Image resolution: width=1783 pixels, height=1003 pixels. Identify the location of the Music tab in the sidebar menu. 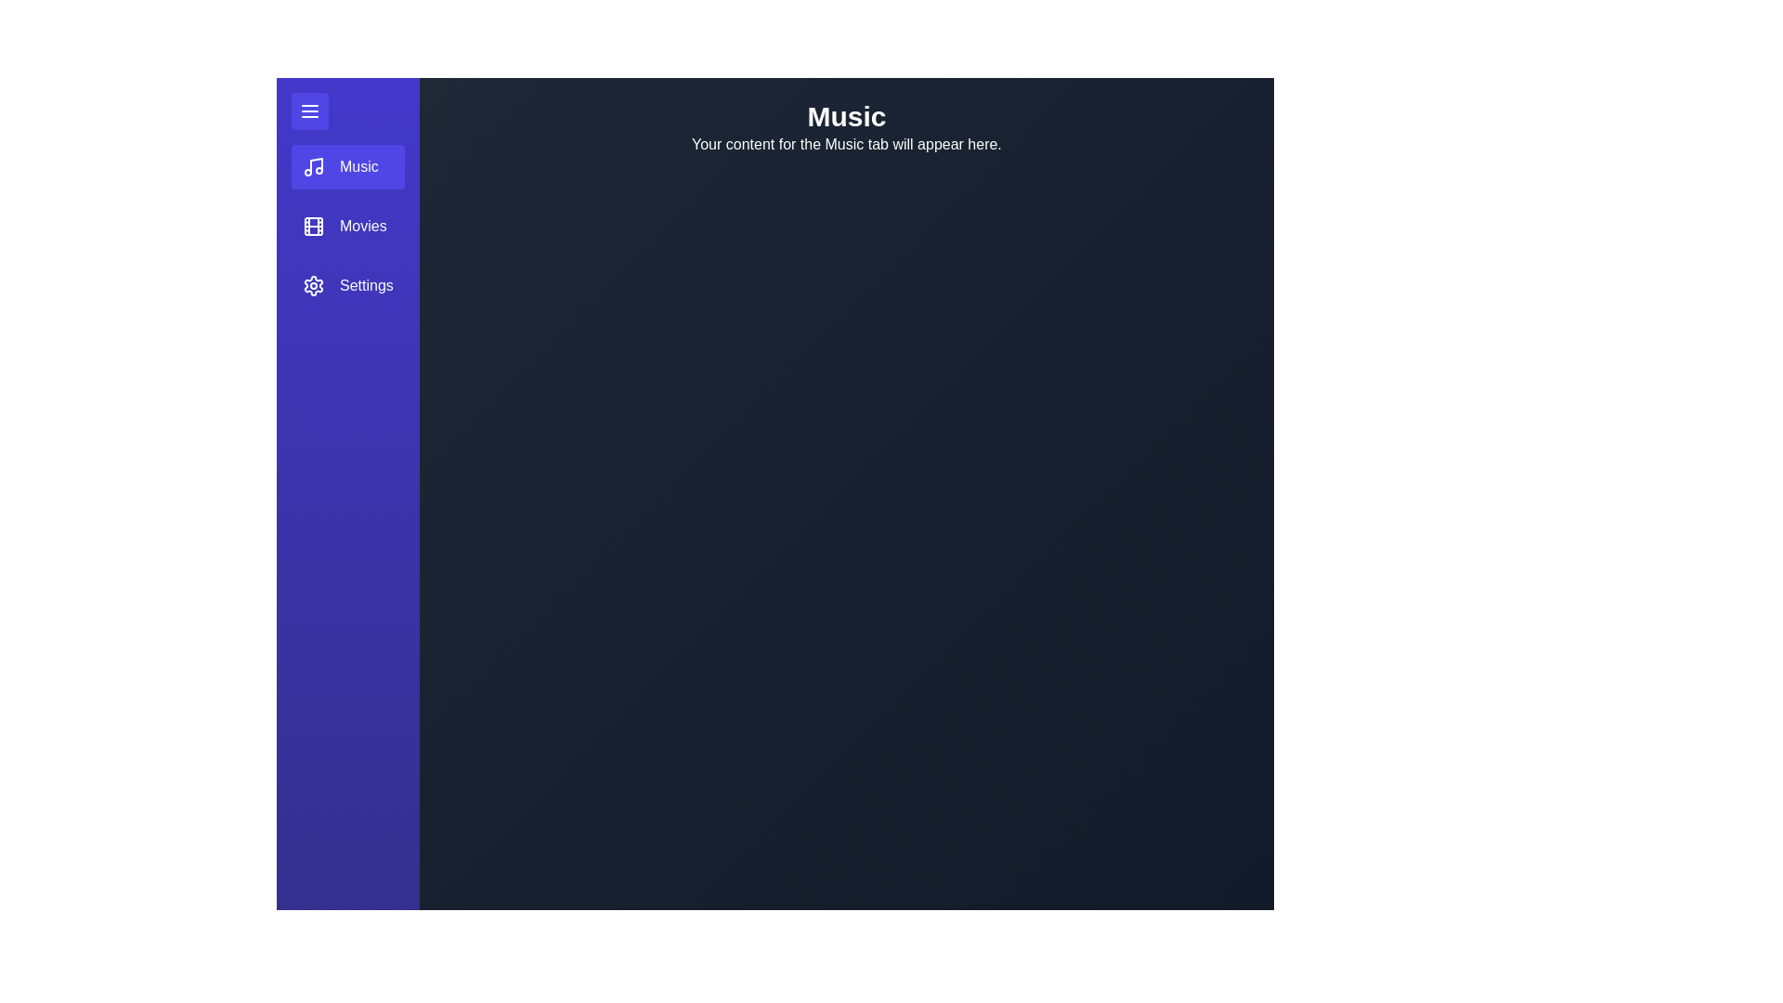
(347, 167).